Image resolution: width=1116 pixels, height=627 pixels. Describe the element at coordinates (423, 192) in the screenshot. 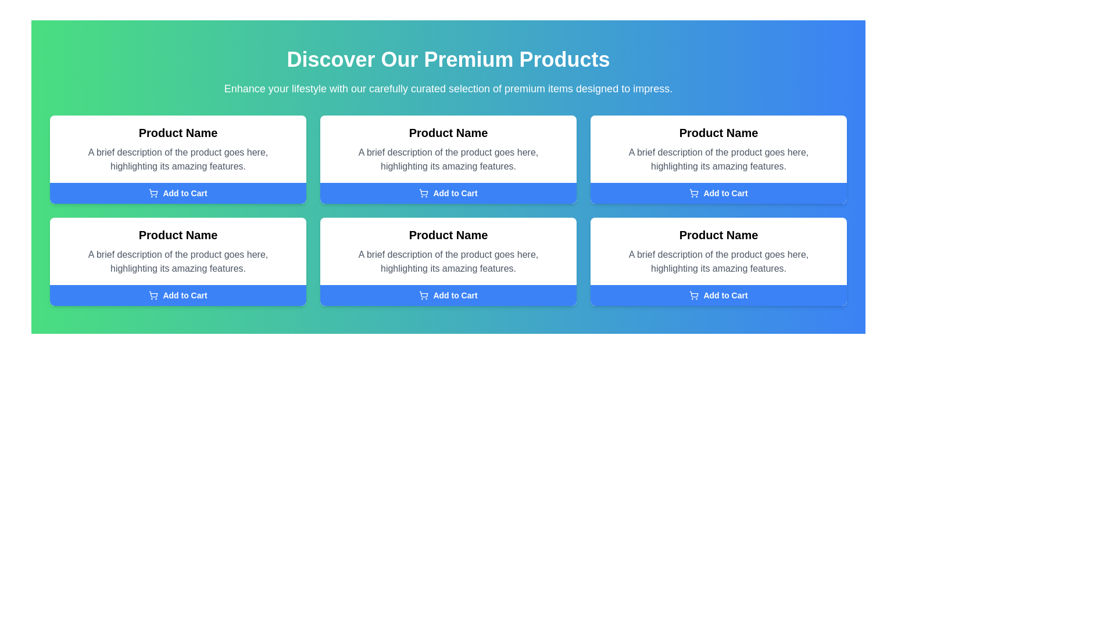

I see `the graphical icon representing the 'Add to Cart' button, which is located in the top row of the product grid layout, preceding the text 'Add to Cart'` at that location.